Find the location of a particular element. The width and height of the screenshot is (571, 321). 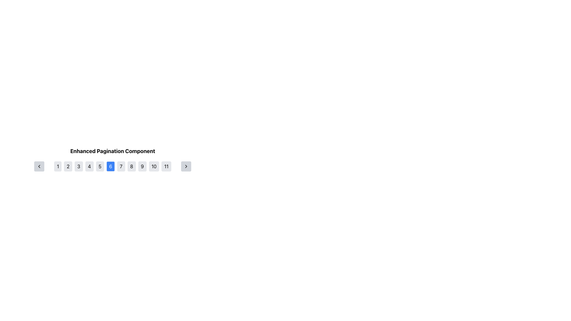

the pagination control button located at the rightmost position is located at coordinates (186, 166).